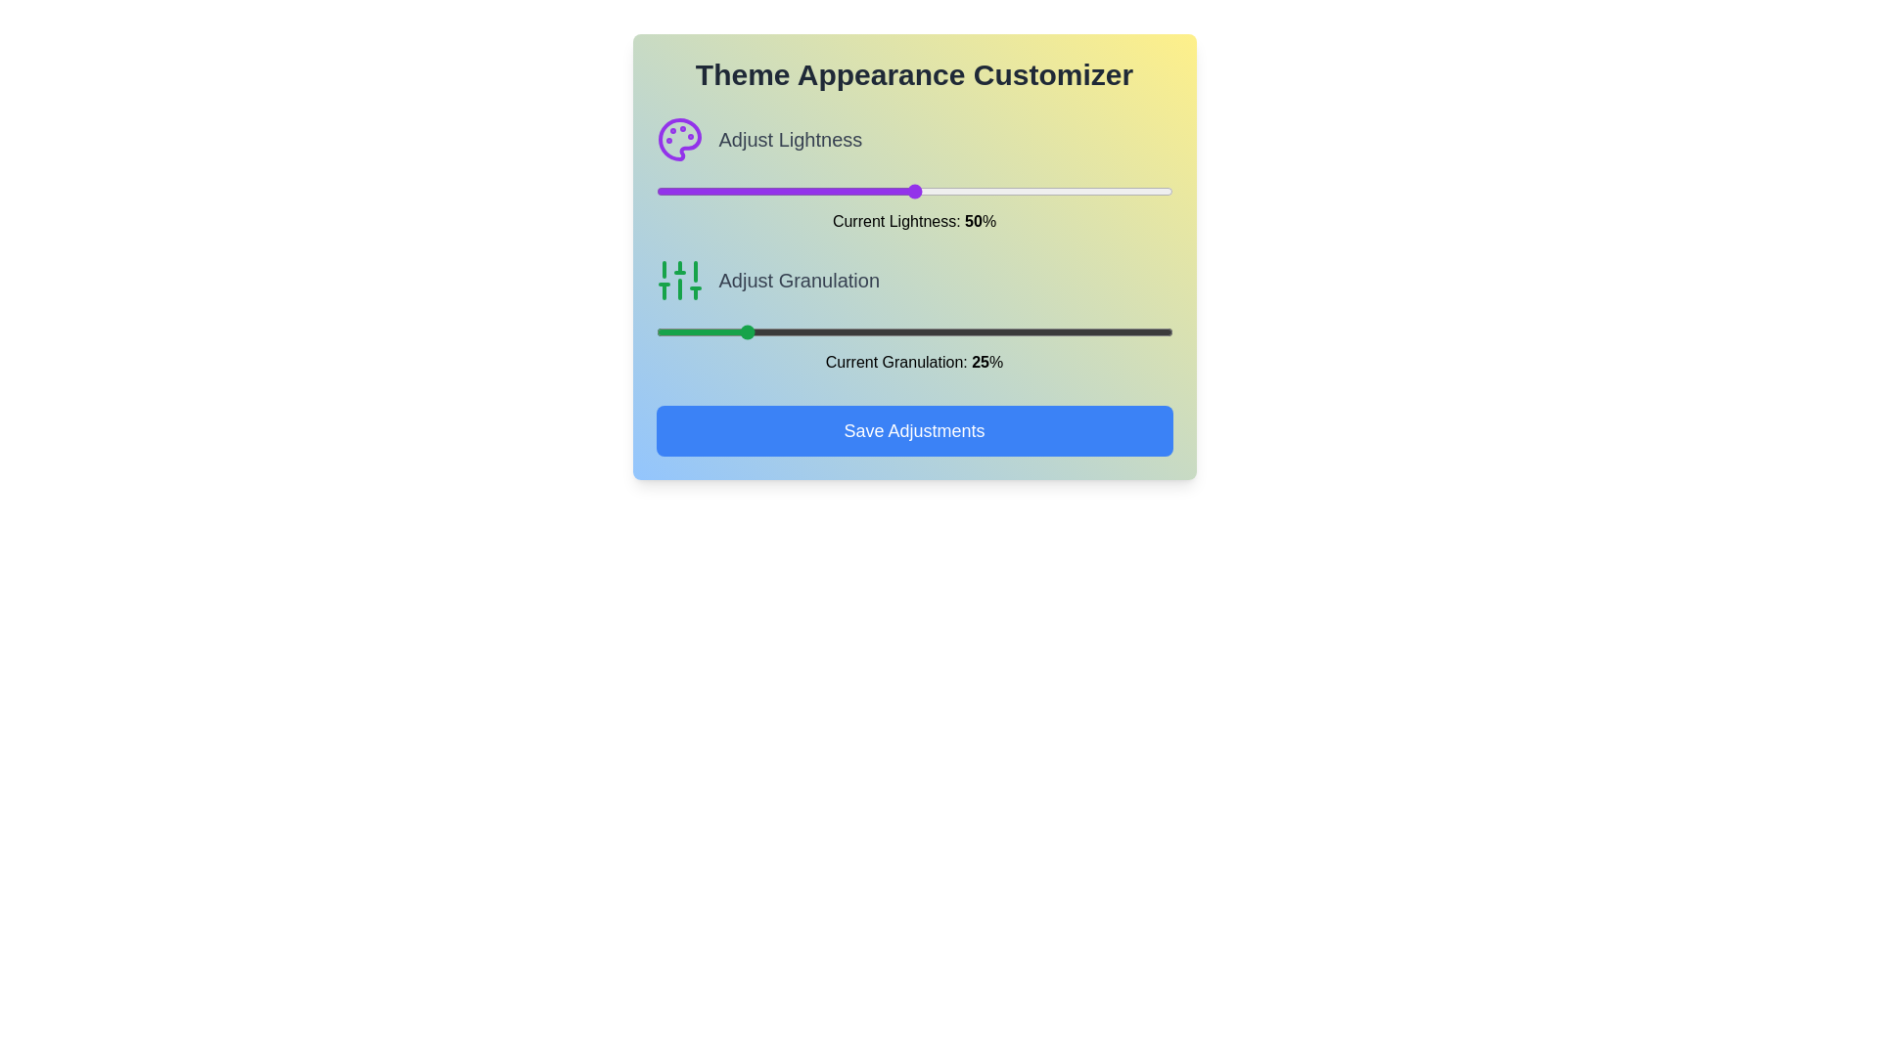 The width and height of the screenshot is (1879, 1056). What do you see at coordinates (712, 330) in the screenshot?
I see `the granulation slider to 20%` at bounding box center [712, 330].